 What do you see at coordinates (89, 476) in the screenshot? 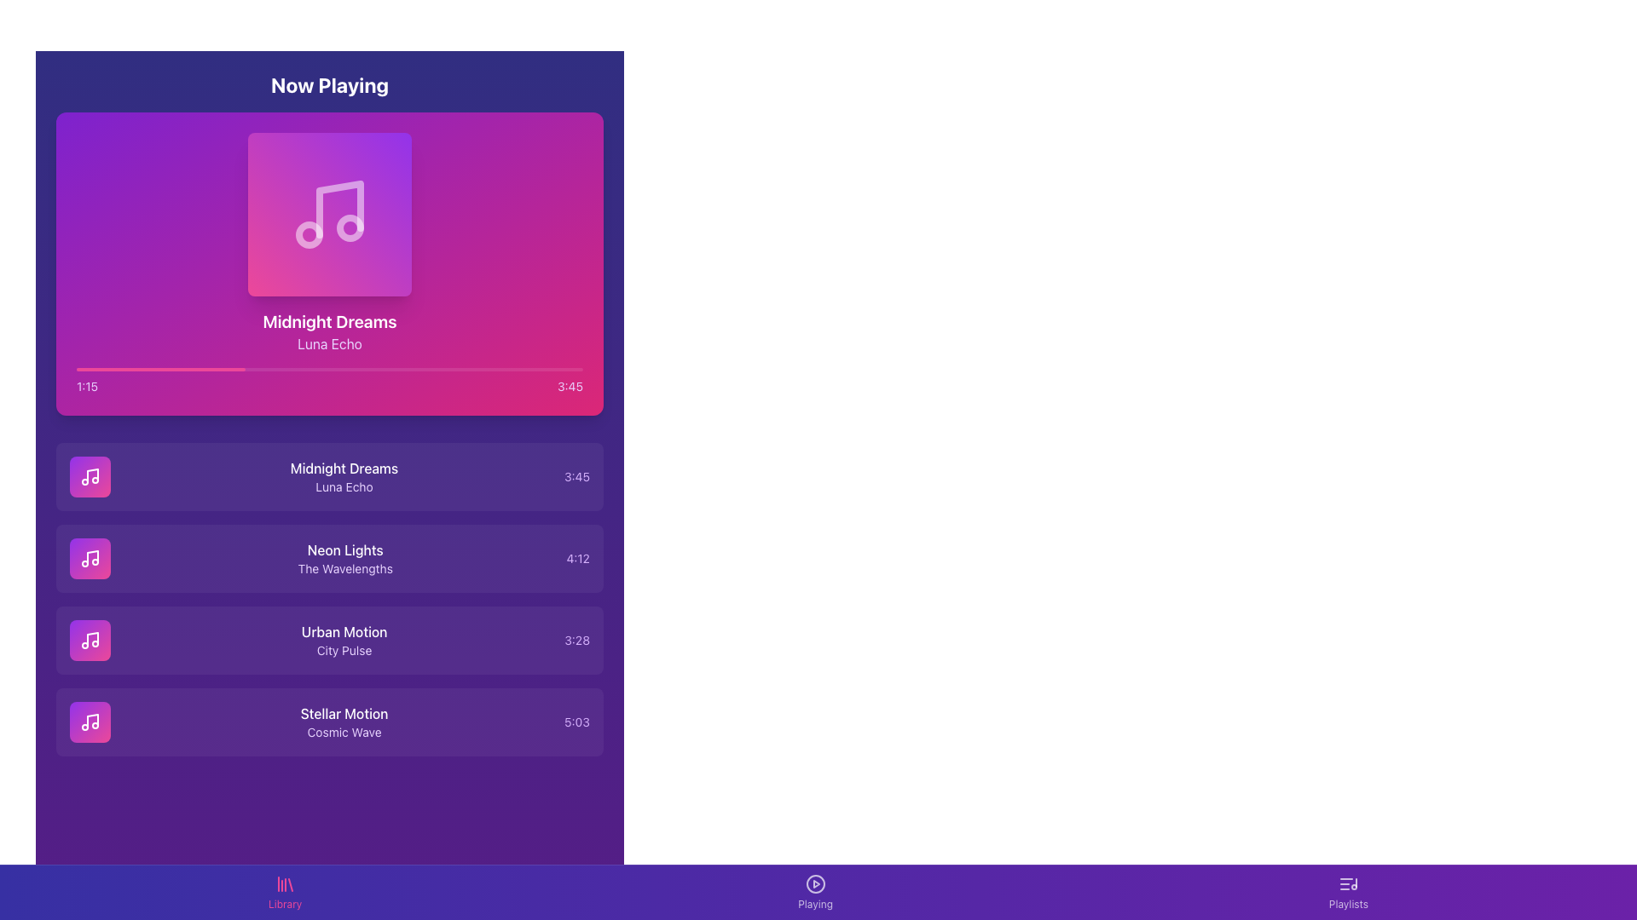
I see `the music-related icon located to the left of the text 'Midnight Dreams' and 'Luna Echo' and above 'Neon Lights'` at bounding box center [89, 476].